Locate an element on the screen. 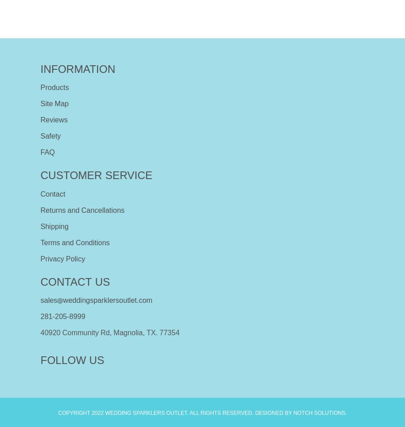 This screenshot has height=427, width=405. 'Products' is located at coordinates (40, 86).